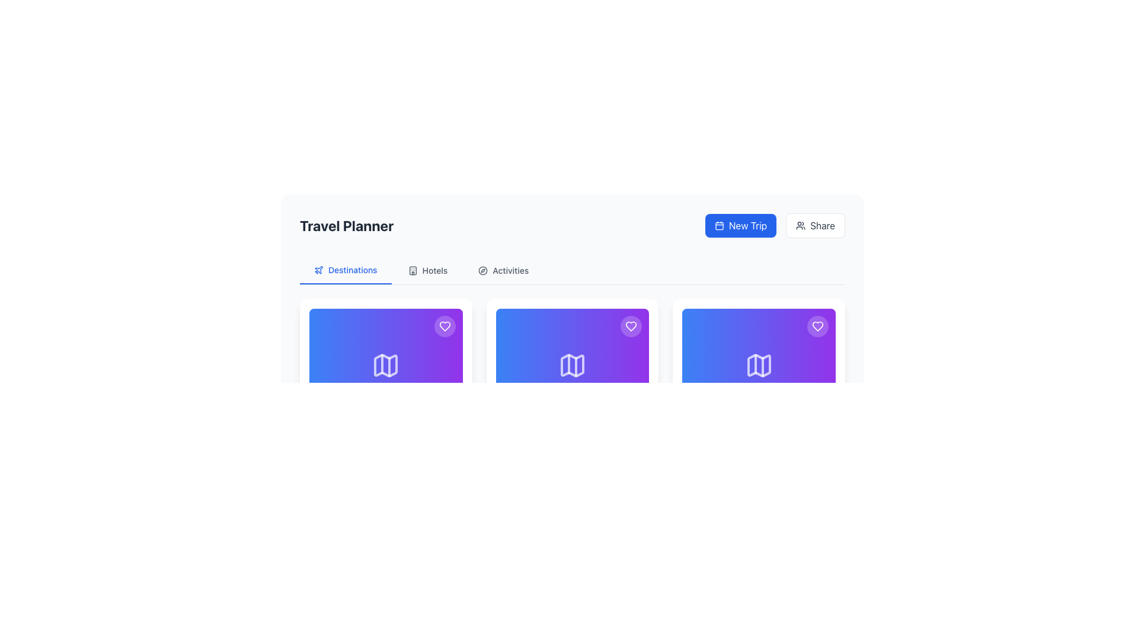  Describe the element at coordinates (719, 226) in the screenshot. I see `the small, square, blue icon with rounded corners located within the calendar icon, adjacent to the 'New Trip' button` at that location.